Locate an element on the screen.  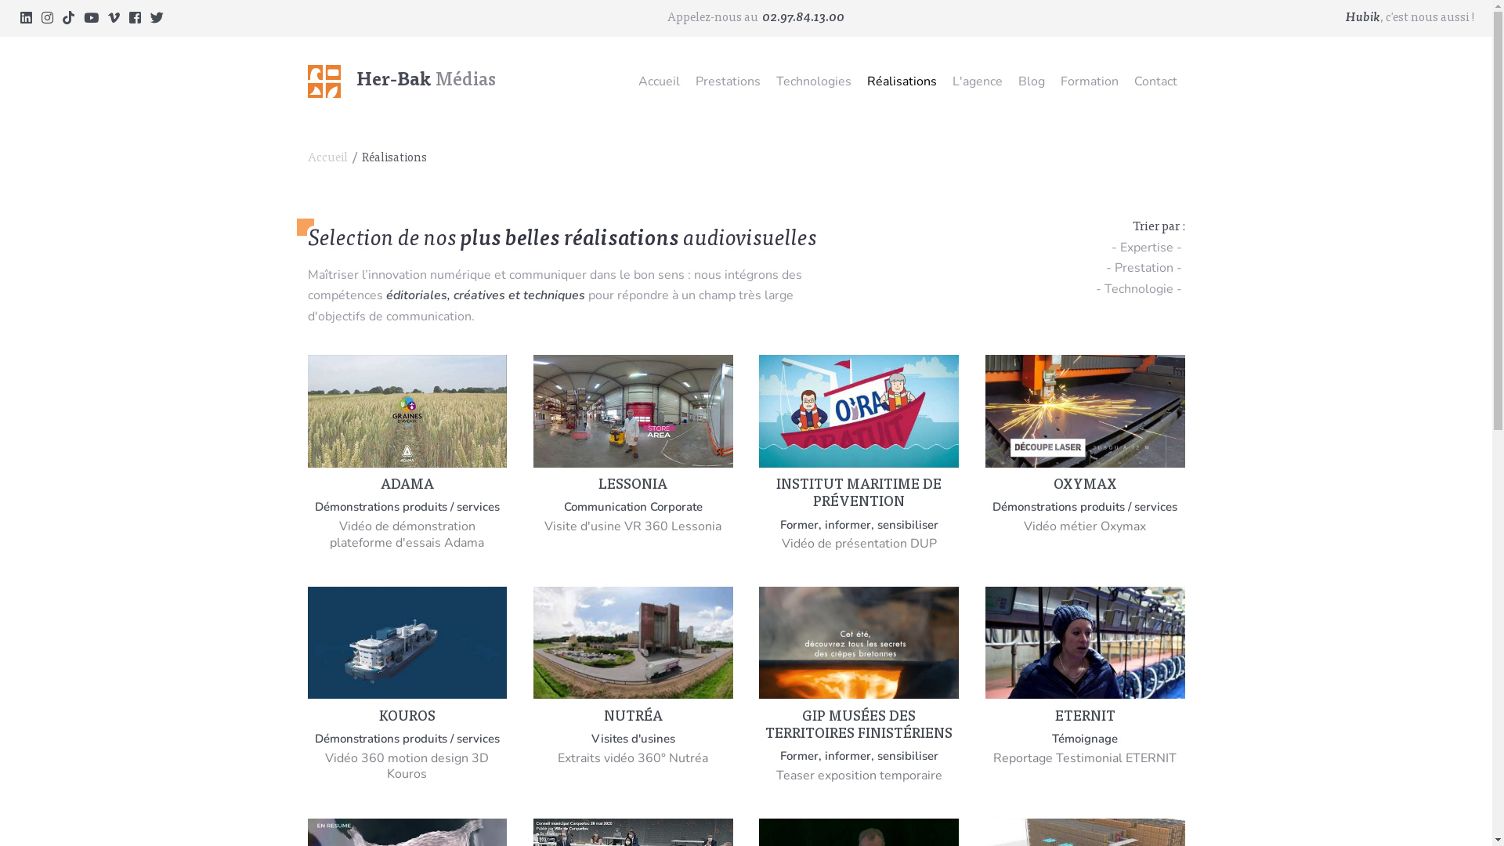
'02.97.84.13.00' is located at coordinates (761, 18).